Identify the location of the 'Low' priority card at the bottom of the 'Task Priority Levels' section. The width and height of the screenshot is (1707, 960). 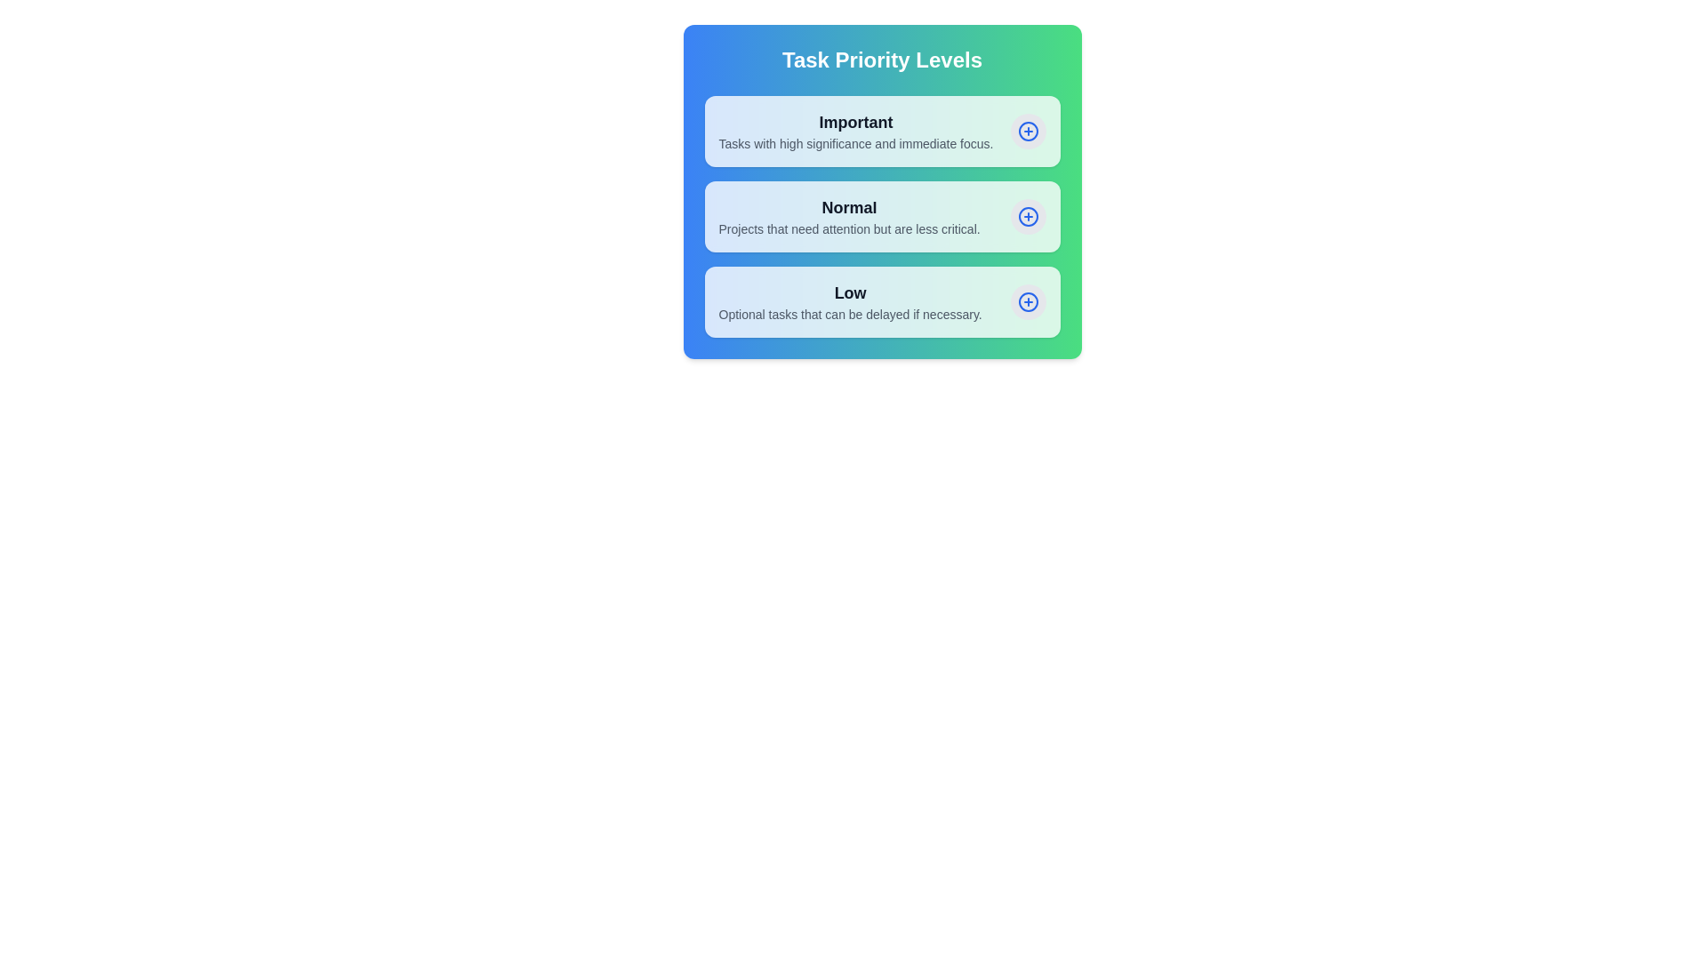
(882, 300).